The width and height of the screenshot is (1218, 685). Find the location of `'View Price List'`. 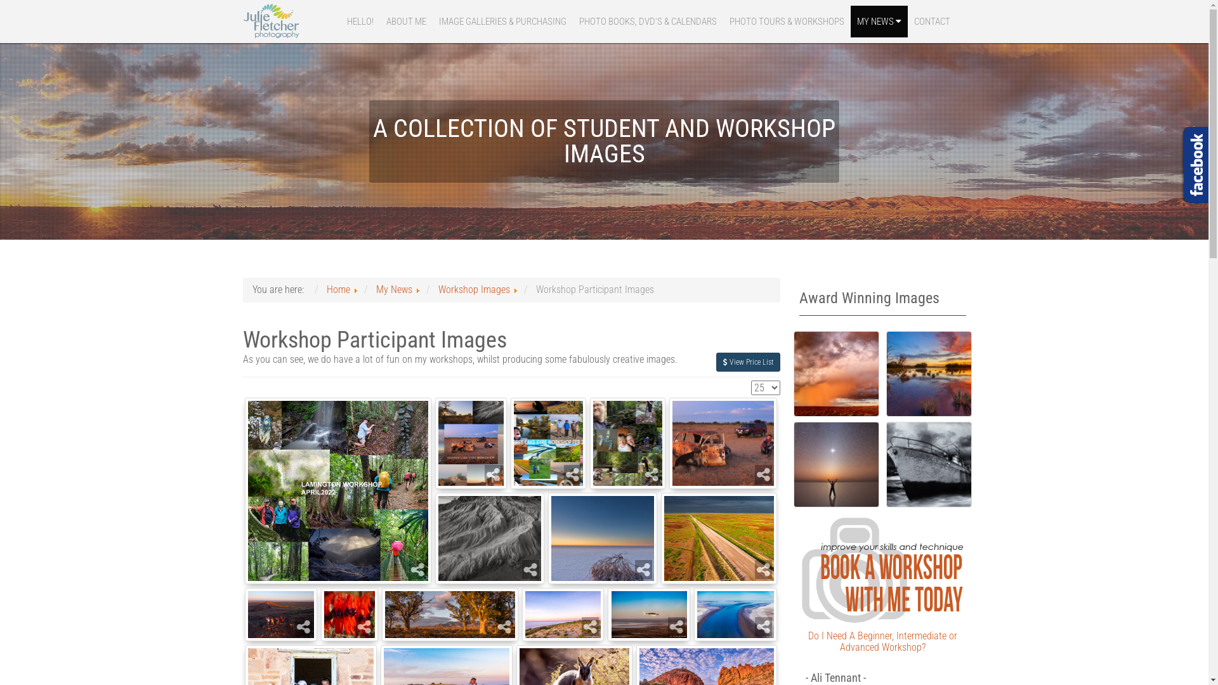

'View Price List' is located at coordinates (748, 362).